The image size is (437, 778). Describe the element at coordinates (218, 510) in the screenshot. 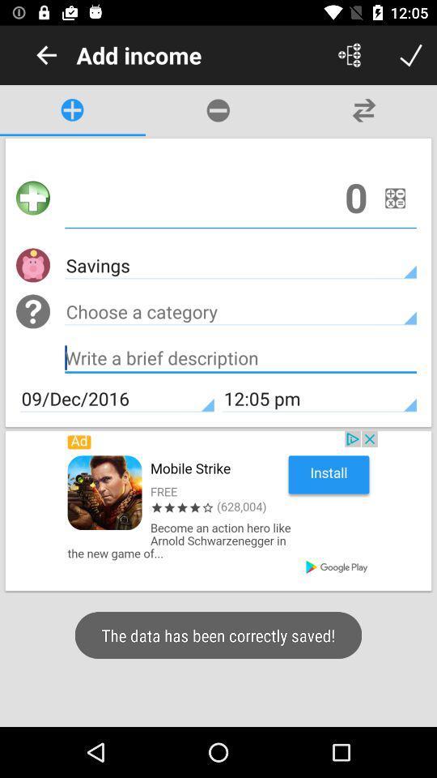

I see `open google play site for mobile strike` at that location.